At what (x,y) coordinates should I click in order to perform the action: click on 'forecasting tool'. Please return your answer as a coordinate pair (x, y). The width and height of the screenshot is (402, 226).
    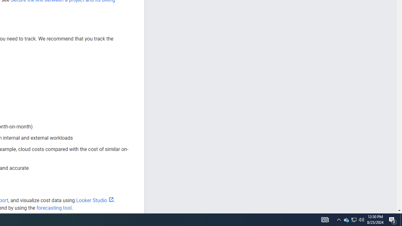
    Looking at the image, I should click on (54, 208).